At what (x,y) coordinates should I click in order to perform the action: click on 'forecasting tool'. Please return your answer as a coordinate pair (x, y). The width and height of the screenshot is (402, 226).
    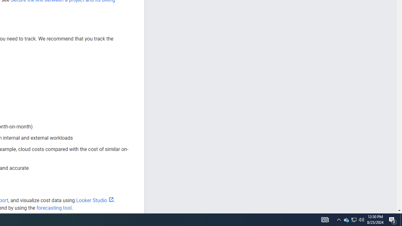
    Looking at the image, I should click on (54, 208).